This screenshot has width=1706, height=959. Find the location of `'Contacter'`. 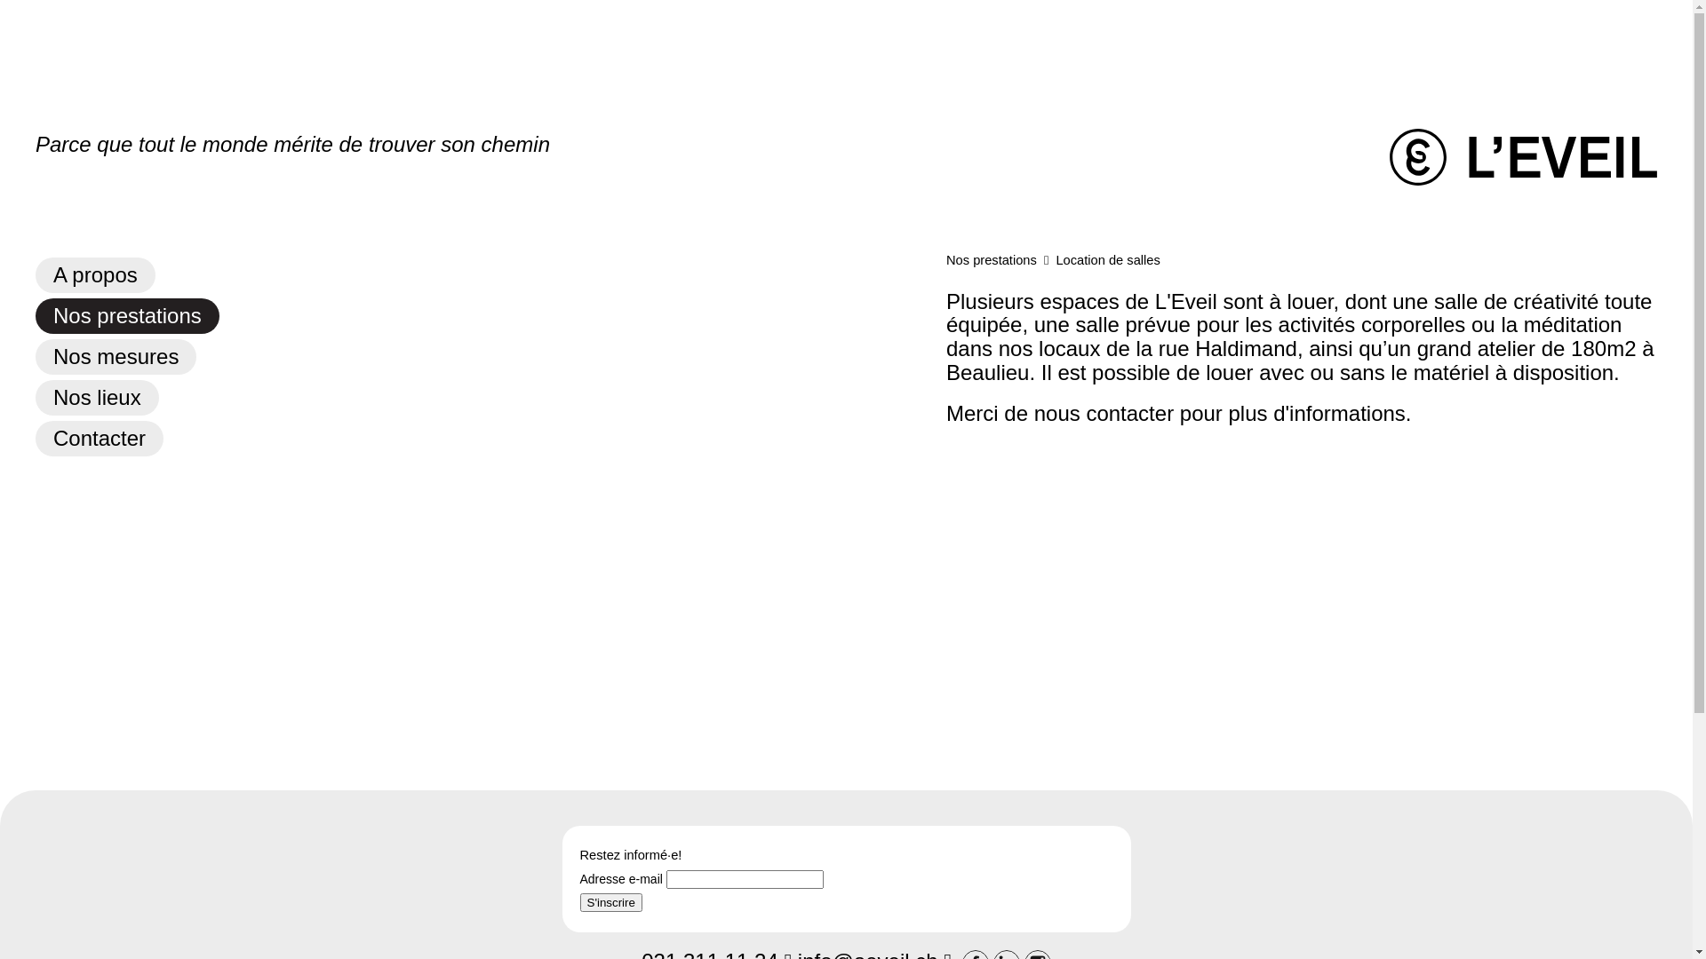

'Contacter' is located at coordinates (98, 438).